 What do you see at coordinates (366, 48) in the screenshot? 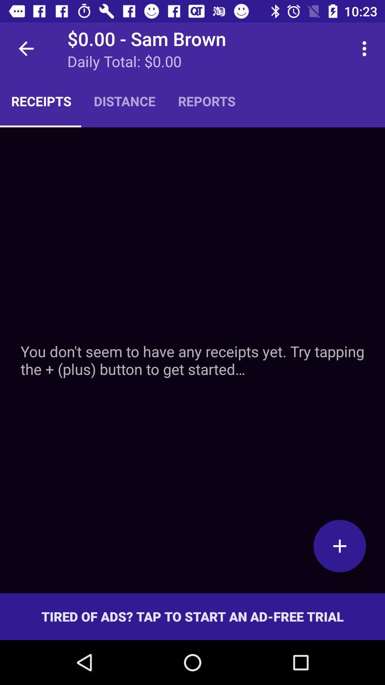
I see `icon next to the reports item` at bounding box center [366, 48].